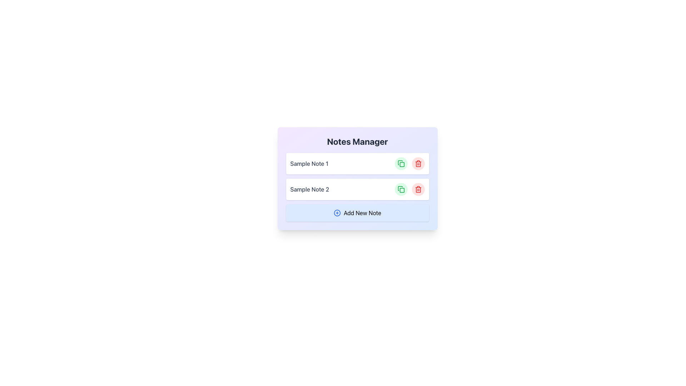 Image resolution: width=686 pixels, height=386 pixels. I want to click on the red circular button with a trash can icon, so click(418, 189).